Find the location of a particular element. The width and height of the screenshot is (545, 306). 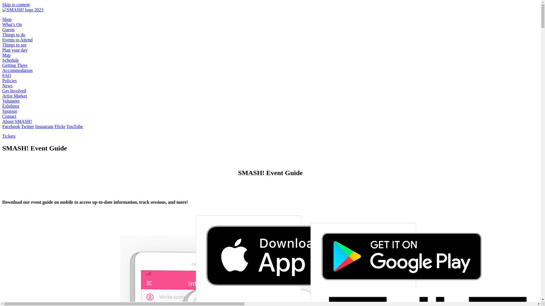

'Plan your day' is located at coordinates (15, 50).